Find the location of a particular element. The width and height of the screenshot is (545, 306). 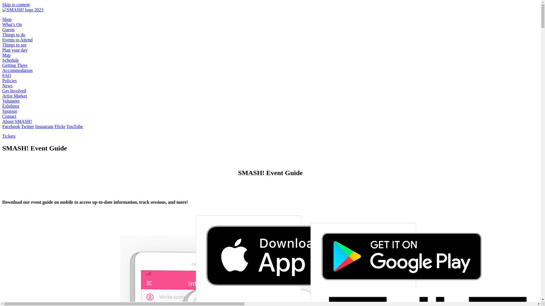

'Plan your day' is located at coordinates (15, 50).